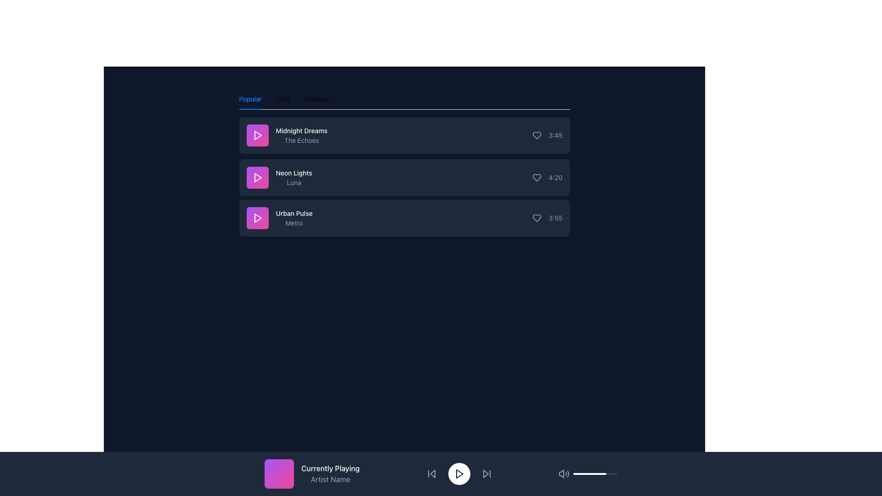  I want to click on the play button located to the left of the song title 'Midnight Dreams' by 'The Echoes' to initiate playback, so click(257, 135).